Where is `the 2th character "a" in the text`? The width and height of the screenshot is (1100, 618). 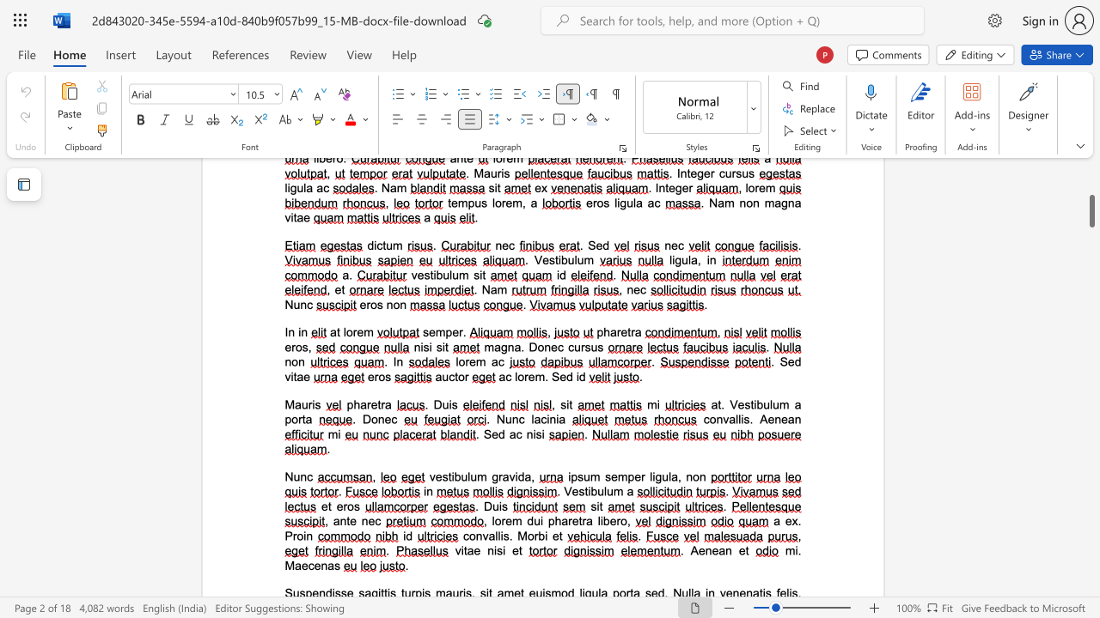 the 2th character "a" in the text is located at coordinates (797, 404).